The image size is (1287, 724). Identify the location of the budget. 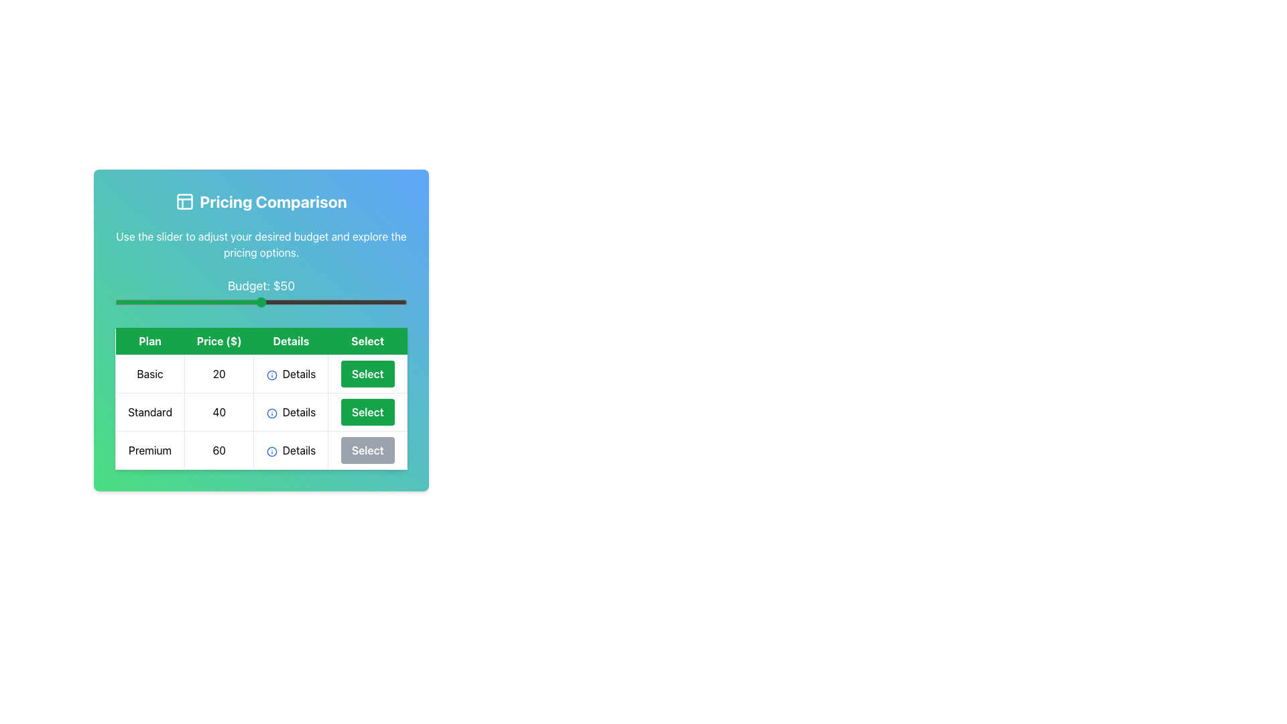
(235, 302).